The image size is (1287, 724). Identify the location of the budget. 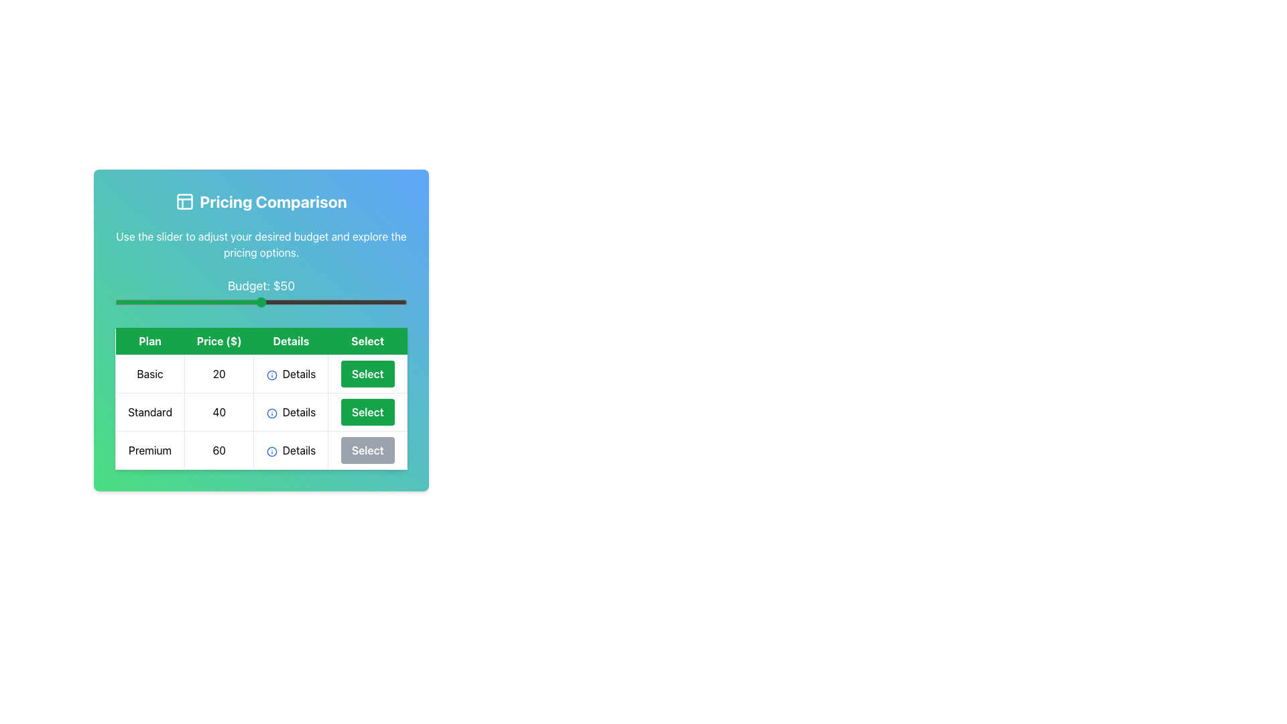
(235, 302).